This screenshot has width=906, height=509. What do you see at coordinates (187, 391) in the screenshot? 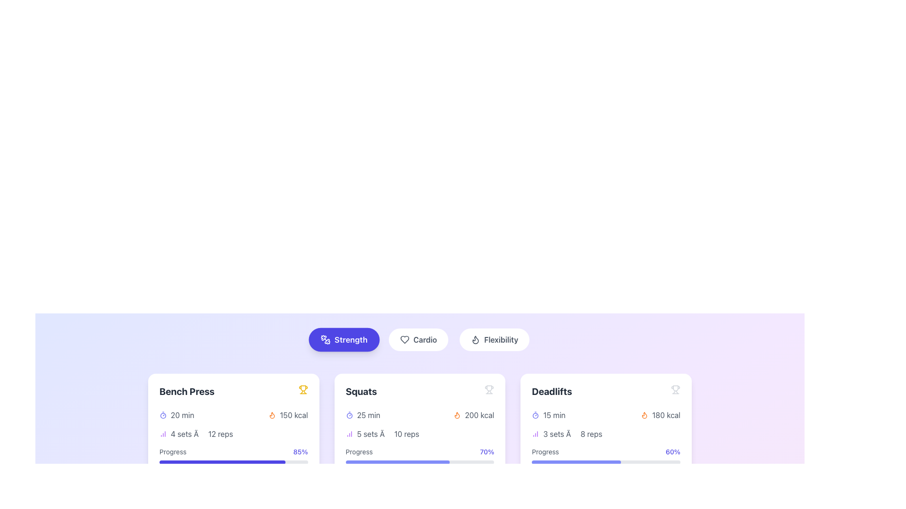
I see `the 'Bench Press' text label, which is styled in bold, large dark grey text within a card-like structure on a light gradient background` at bounding box center [187, 391].